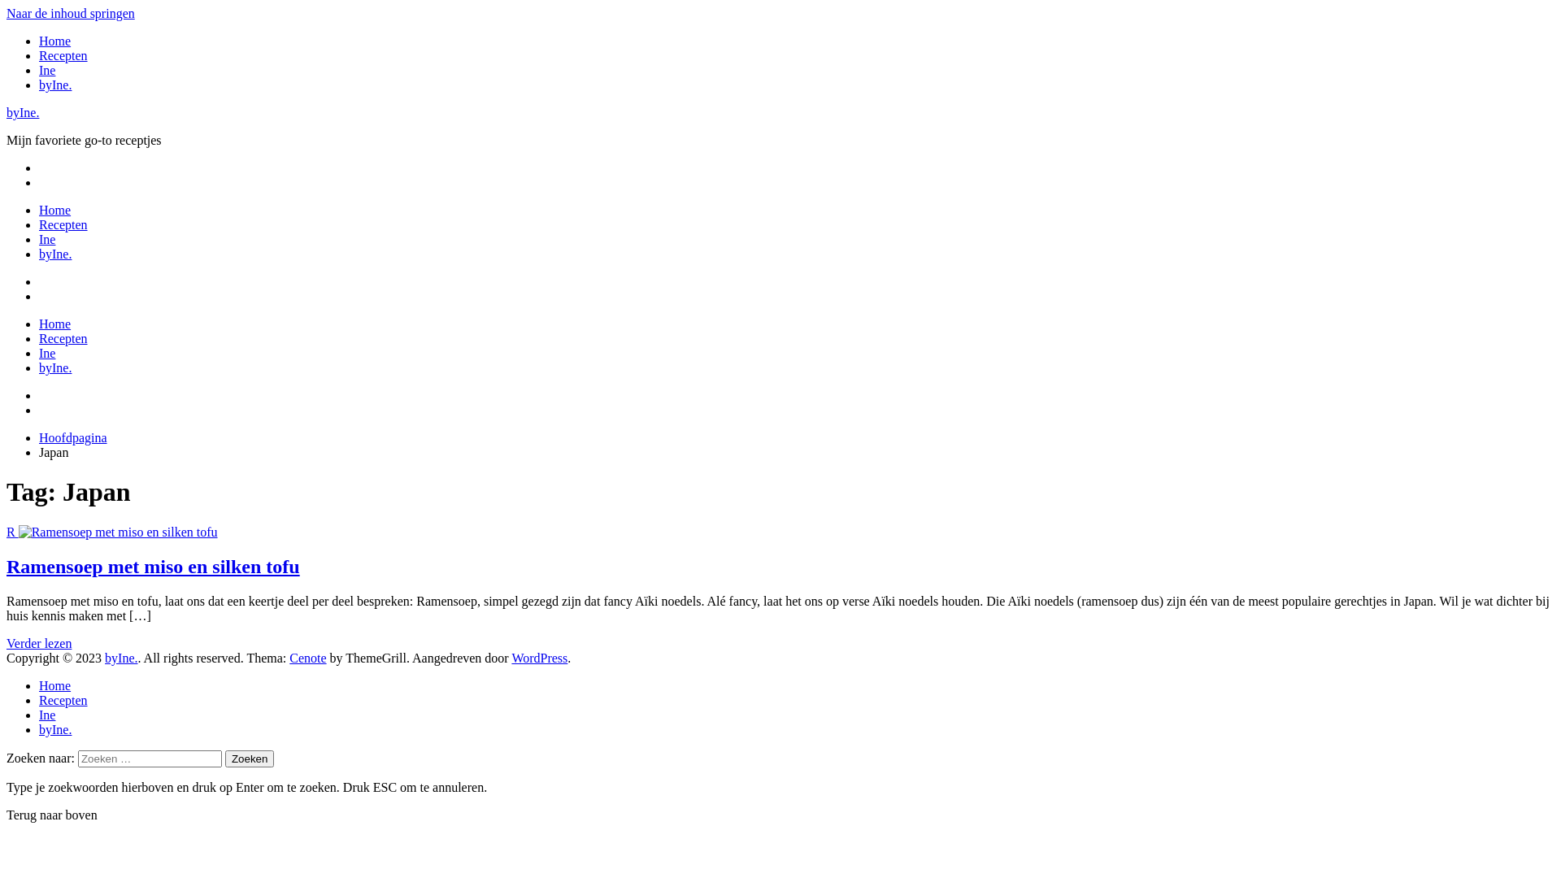  What do you see at coordinates (54, 85) in the screenshot?
I see `'byIne.'` at bounding box center [54, 85].